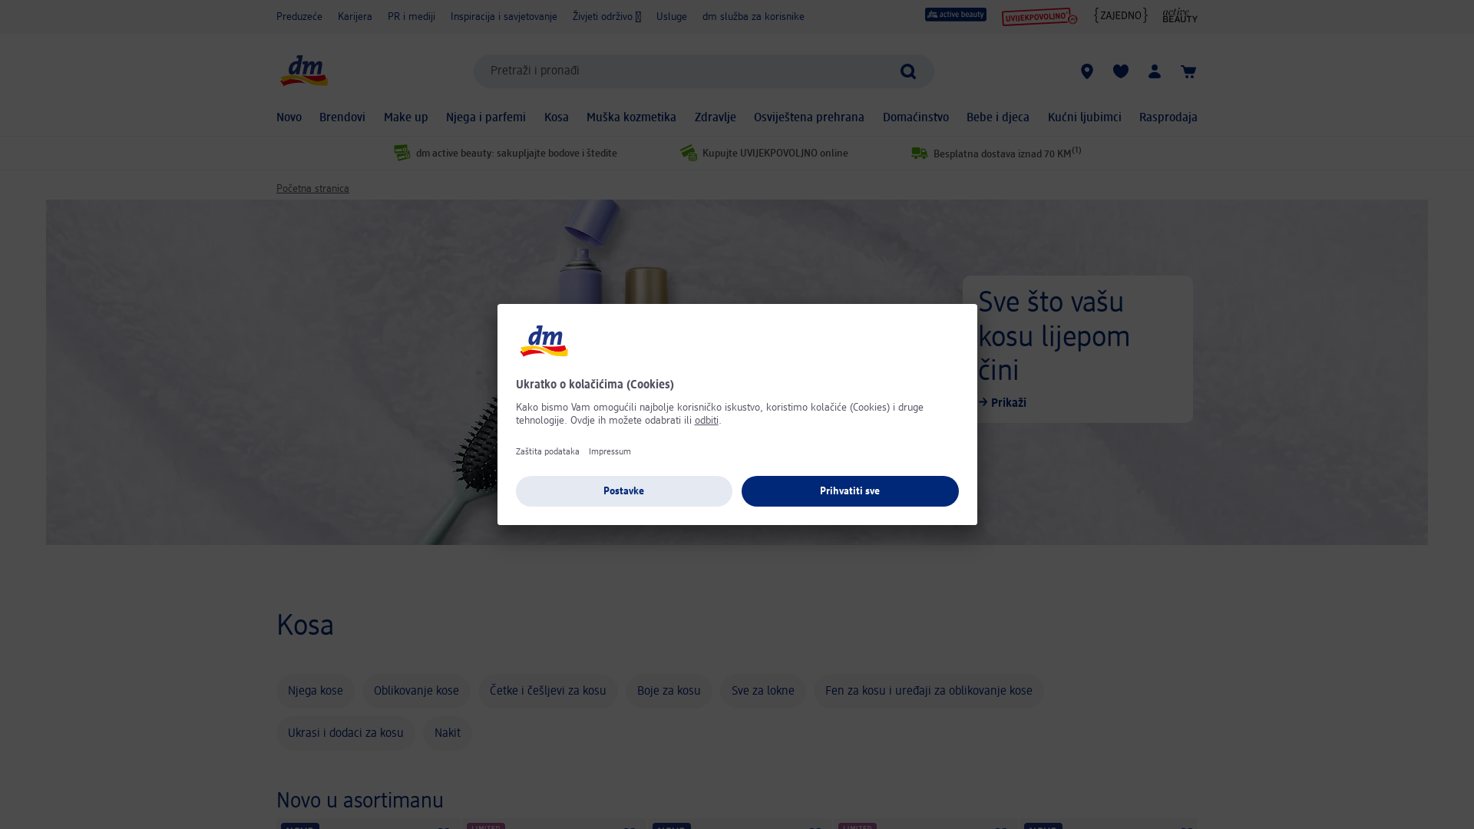 Image resolution: width=1474 pixels, height=829 pixels. Describe the element at coordinates (335, 117) in the screenshot. I see `'Brendovi'` at that location.